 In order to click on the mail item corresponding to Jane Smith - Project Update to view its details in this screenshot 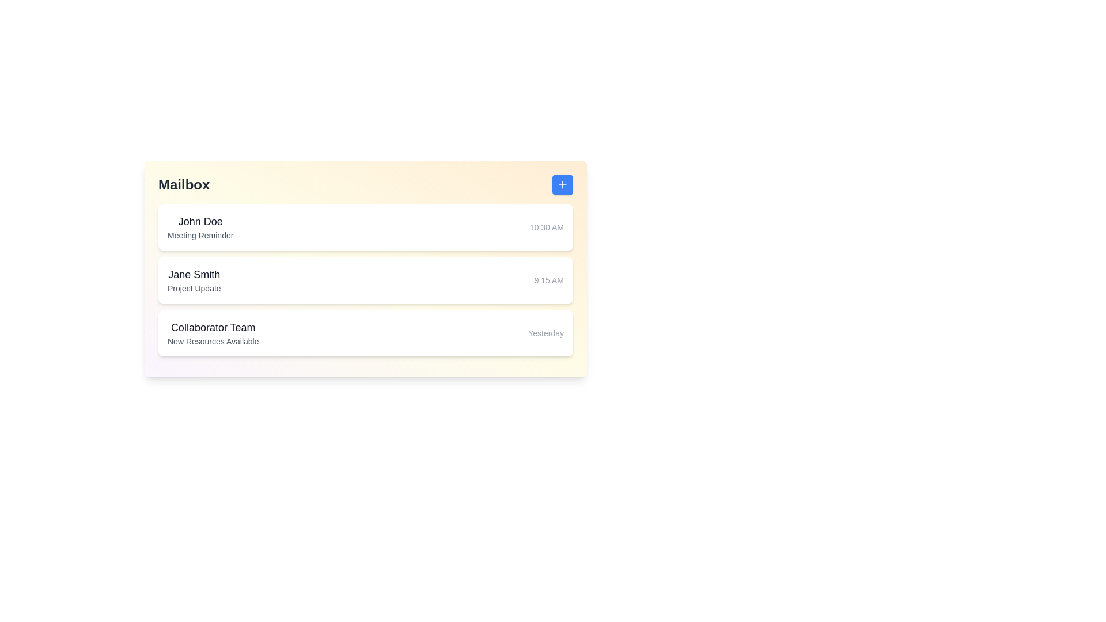, I will do `click(365, 280)`.